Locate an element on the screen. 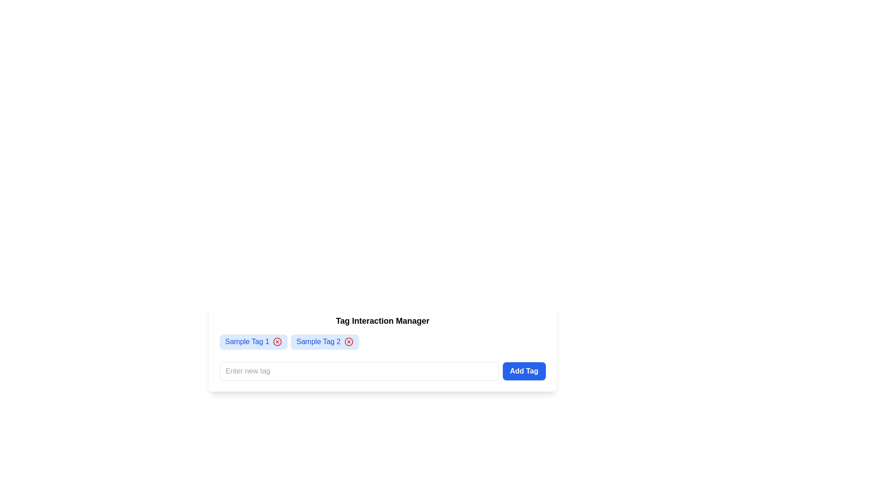  the button that adds a new tag, located at the bottom center of the interface is located at coordinates (524, 371).